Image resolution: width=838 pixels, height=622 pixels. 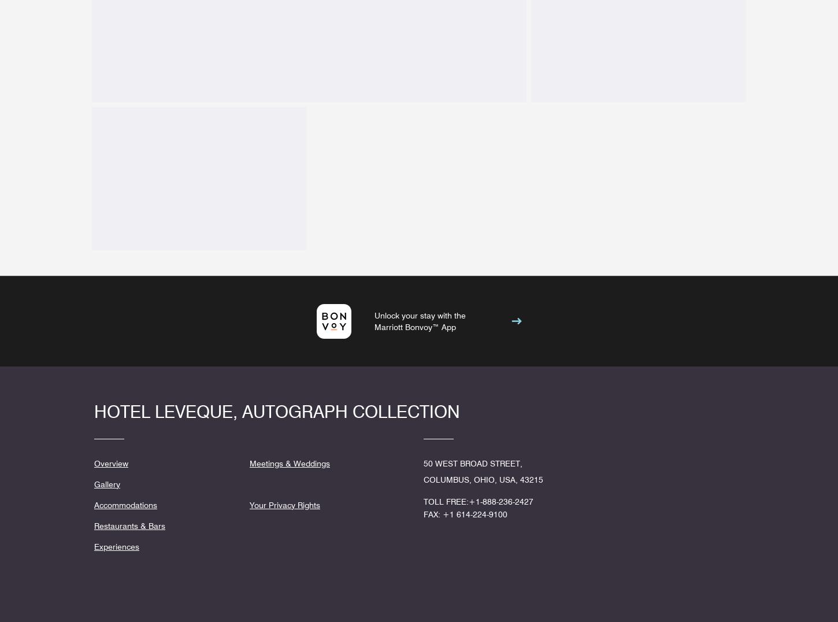 What do you see at coordinates (478, 501) in the screenshot?
I see `'Toll Free:+1-888-236-2427'` at bounding box center [478, 501].